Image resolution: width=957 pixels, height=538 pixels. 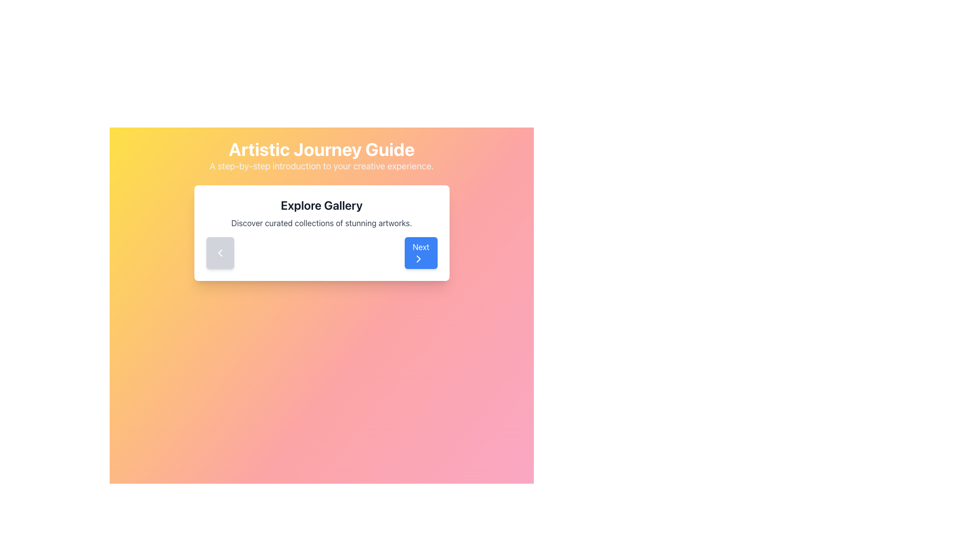 I want to click on the navigation button located at the bottom right of the prominent card to proceed to the next step in the process, so click(x=421, y=253).